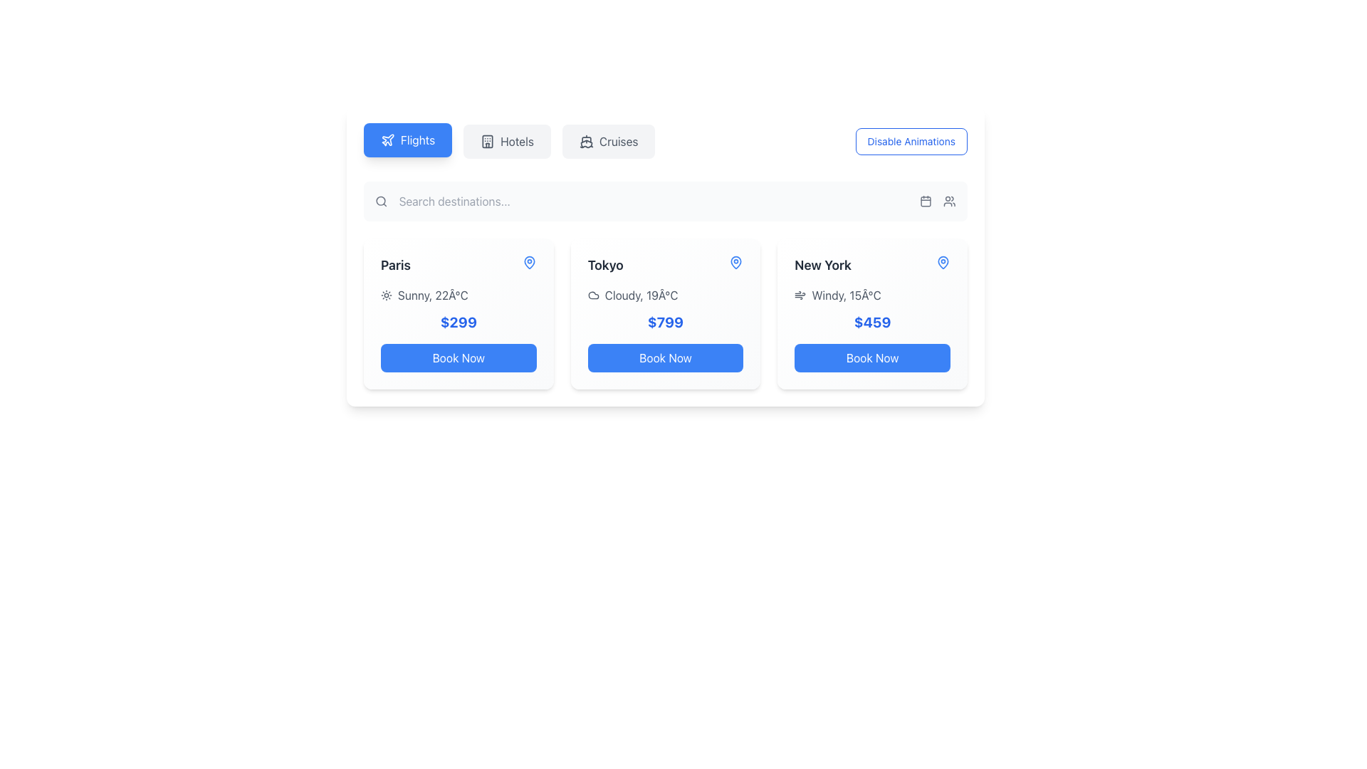 The width and height of the screenshot is (1367, 769). What do you see at coordinates (926, 201) in the screenshot?
I see `the calendar icon button, which is a minimalist styled button with a square frame and grid pattern, located next to the user icon on the right side of the top search bar` at bounding box center [926, 201].